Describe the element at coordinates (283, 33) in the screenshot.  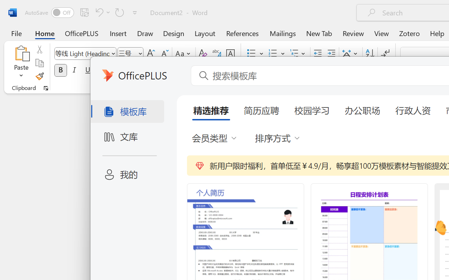
I see `'Mailings'` at that location.